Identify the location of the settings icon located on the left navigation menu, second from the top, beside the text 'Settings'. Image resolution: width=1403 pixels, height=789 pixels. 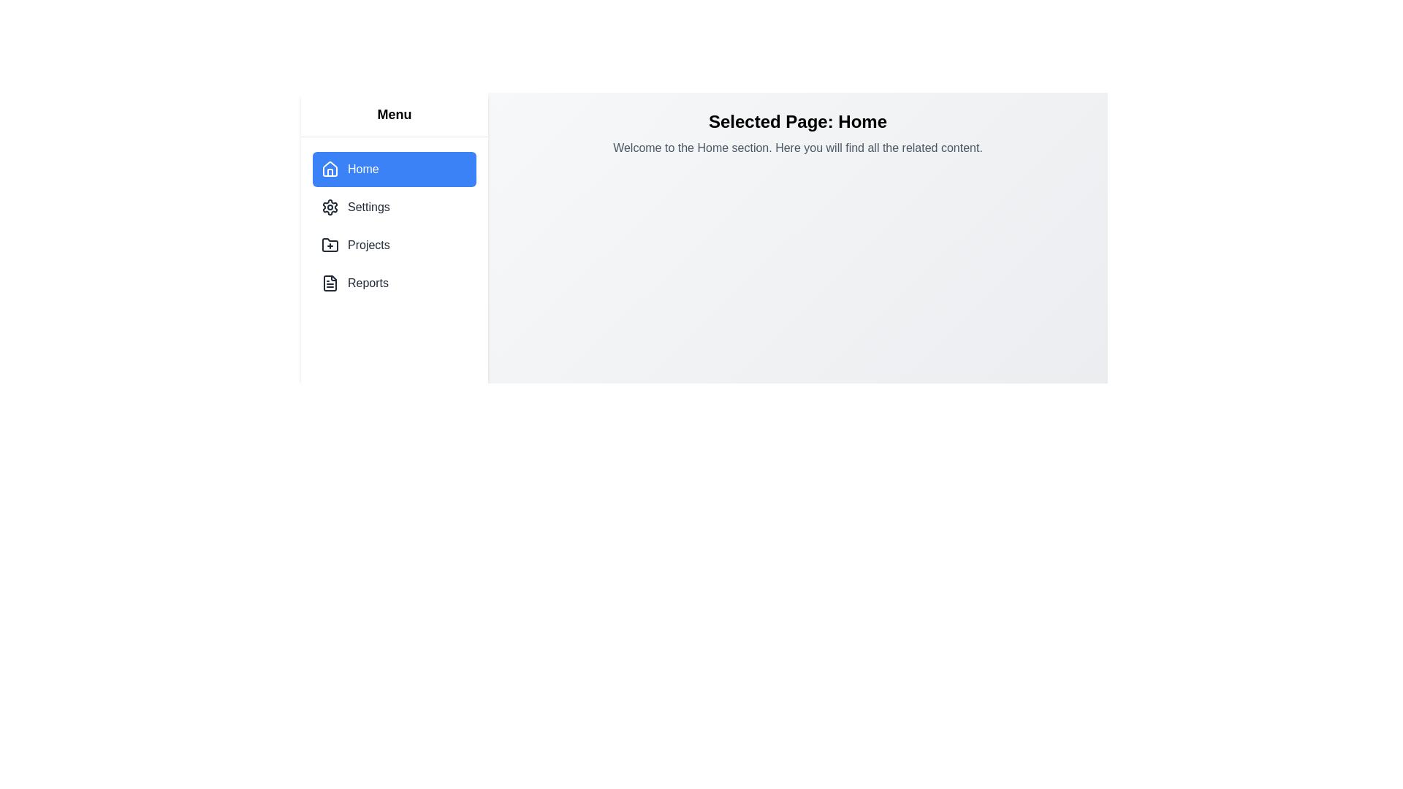
(329, 207).